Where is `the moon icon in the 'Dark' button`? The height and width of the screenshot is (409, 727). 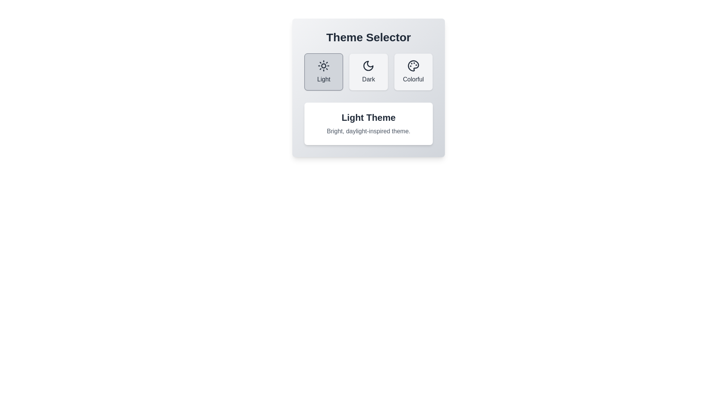
the moon icon in the 'Dark' button is located at coordinates (368, 65).